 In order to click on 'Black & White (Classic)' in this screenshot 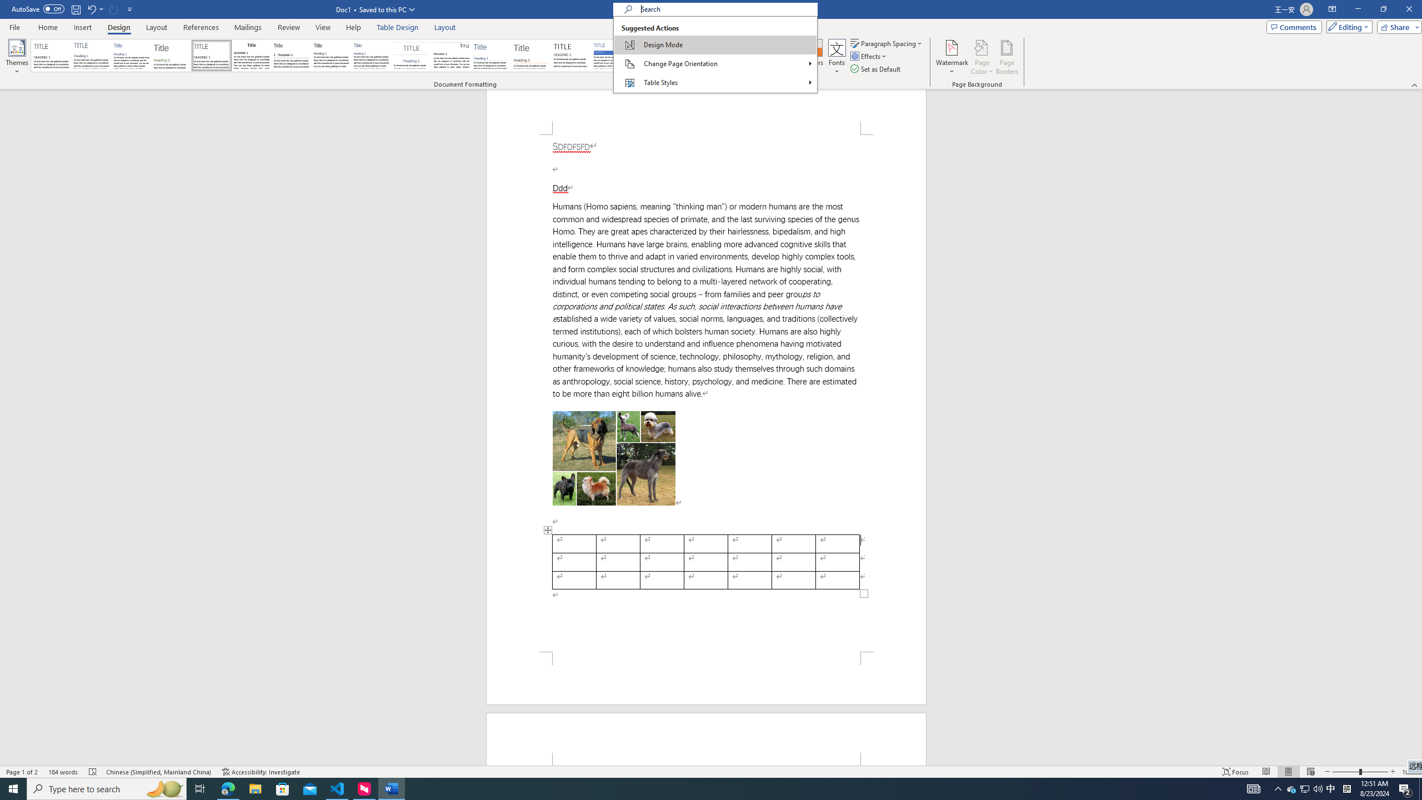, I will do `click(251, 55)`.